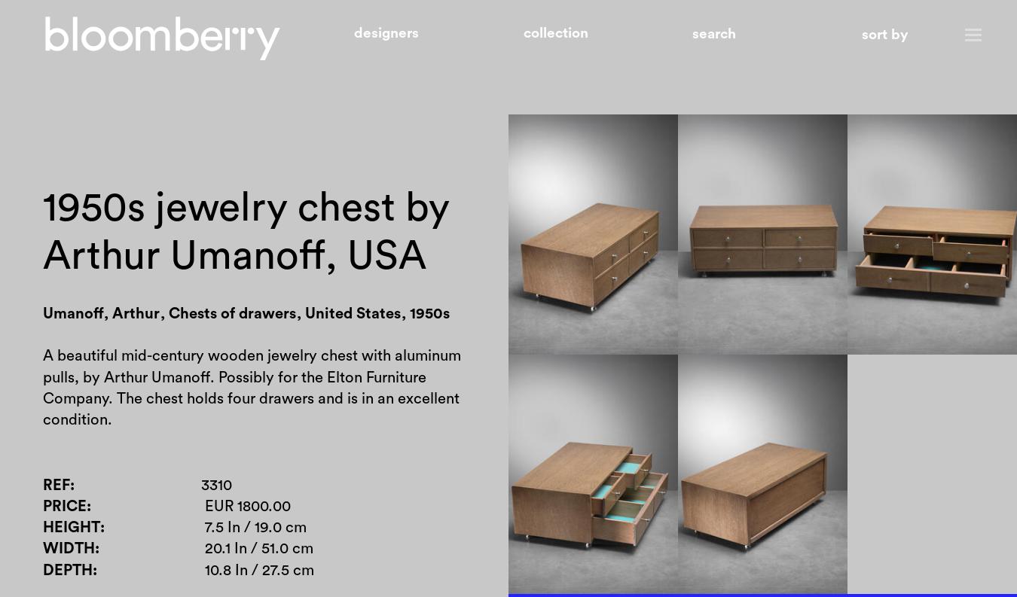 This screenshot has height=597, width=1017. I want to click on 'A beautiful mid-century wooden jewelry chest with aluminum pulls, by Arthur Umanoff. Possibly for the Elton Furniture Company. The chest holds four drawers and is in an excellent condition.', so click(41, 388).